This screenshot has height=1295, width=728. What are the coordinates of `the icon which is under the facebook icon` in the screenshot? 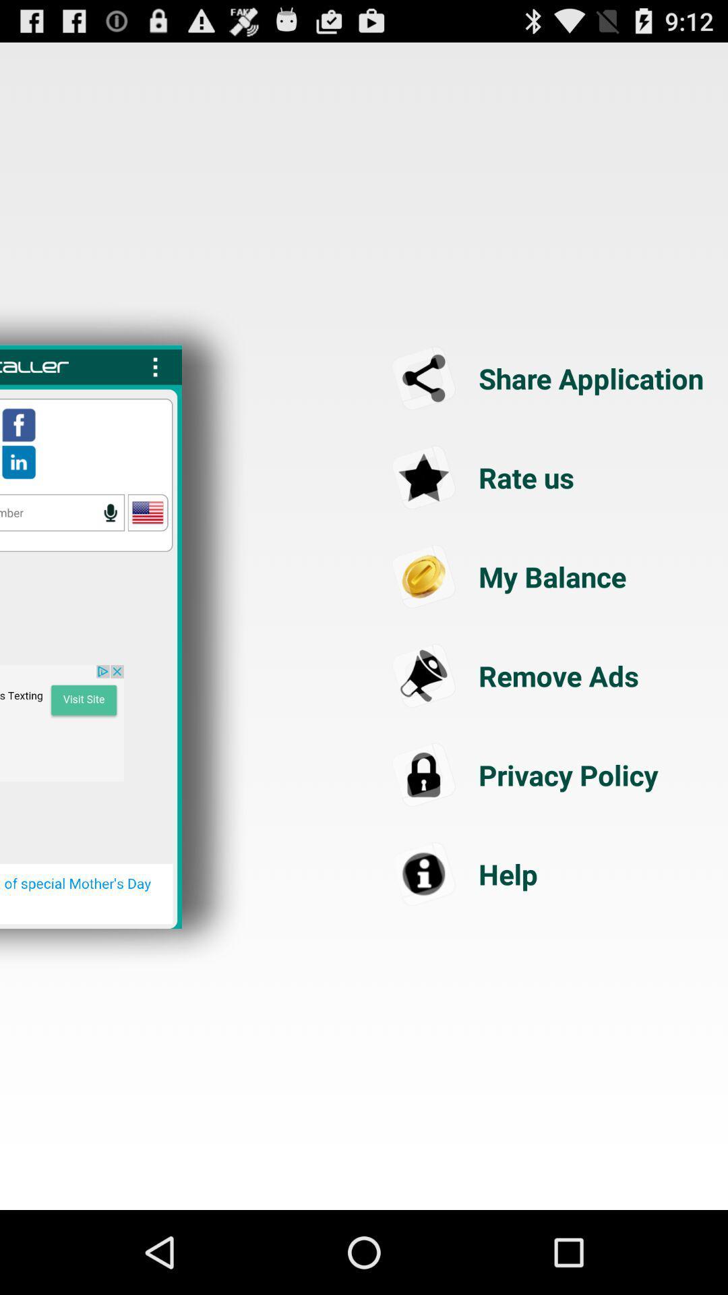 It's located at (19, 462).